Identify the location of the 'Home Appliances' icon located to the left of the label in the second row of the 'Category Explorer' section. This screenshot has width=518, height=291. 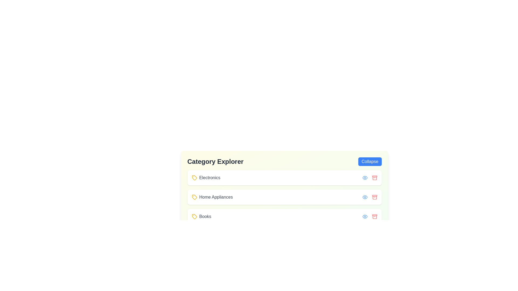
(194, 197).